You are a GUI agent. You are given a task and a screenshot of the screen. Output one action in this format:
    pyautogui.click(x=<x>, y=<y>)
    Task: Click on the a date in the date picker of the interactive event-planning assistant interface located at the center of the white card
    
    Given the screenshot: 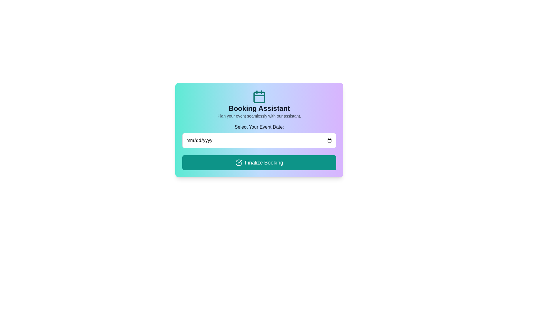 What is the action you would take?
    pyautogui.click(x=259, y=130)
    